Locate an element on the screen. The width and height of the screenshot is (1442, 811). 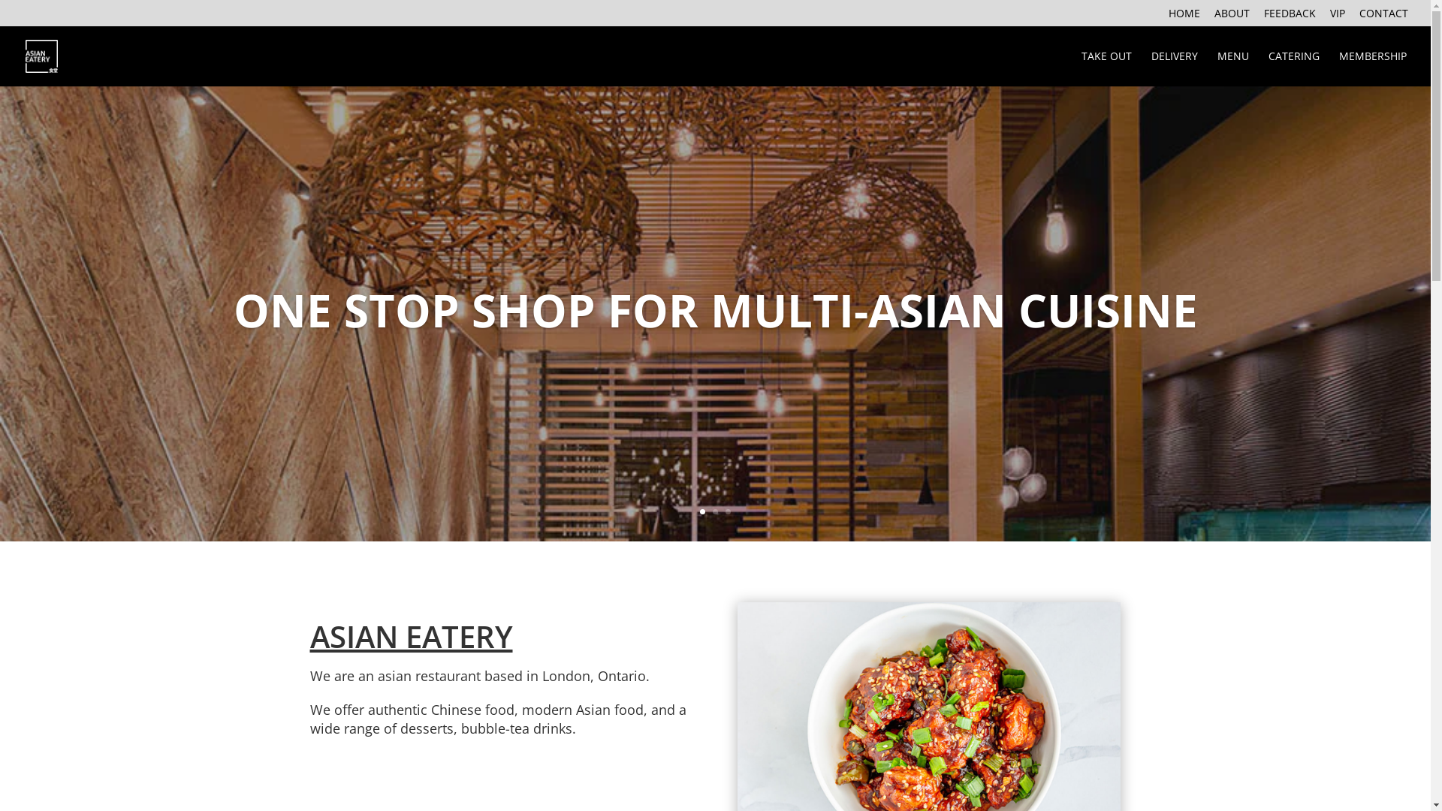
'3' is located at coordinates (728, 511).